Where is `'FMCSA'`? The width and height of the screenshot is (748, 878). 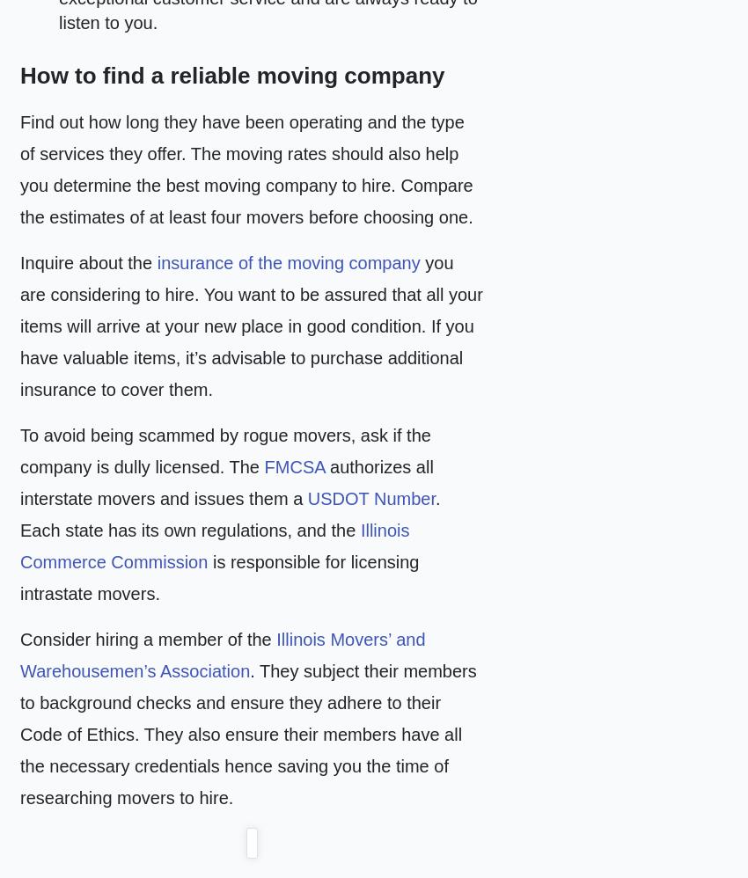
'FMCSA' is located at coordinates (294, 467).